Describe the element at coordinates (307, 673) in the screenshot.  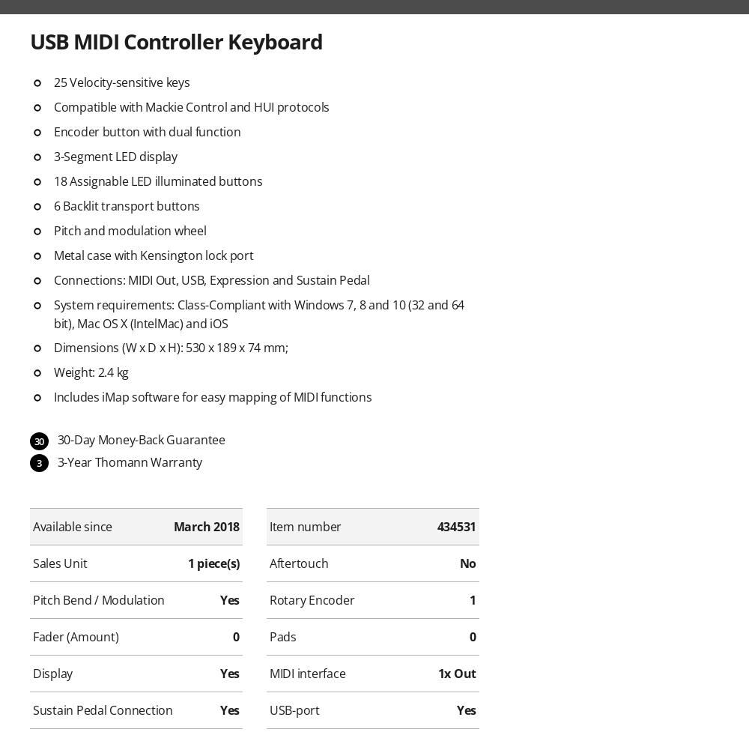
I see `'MIDI interface'` at that location.